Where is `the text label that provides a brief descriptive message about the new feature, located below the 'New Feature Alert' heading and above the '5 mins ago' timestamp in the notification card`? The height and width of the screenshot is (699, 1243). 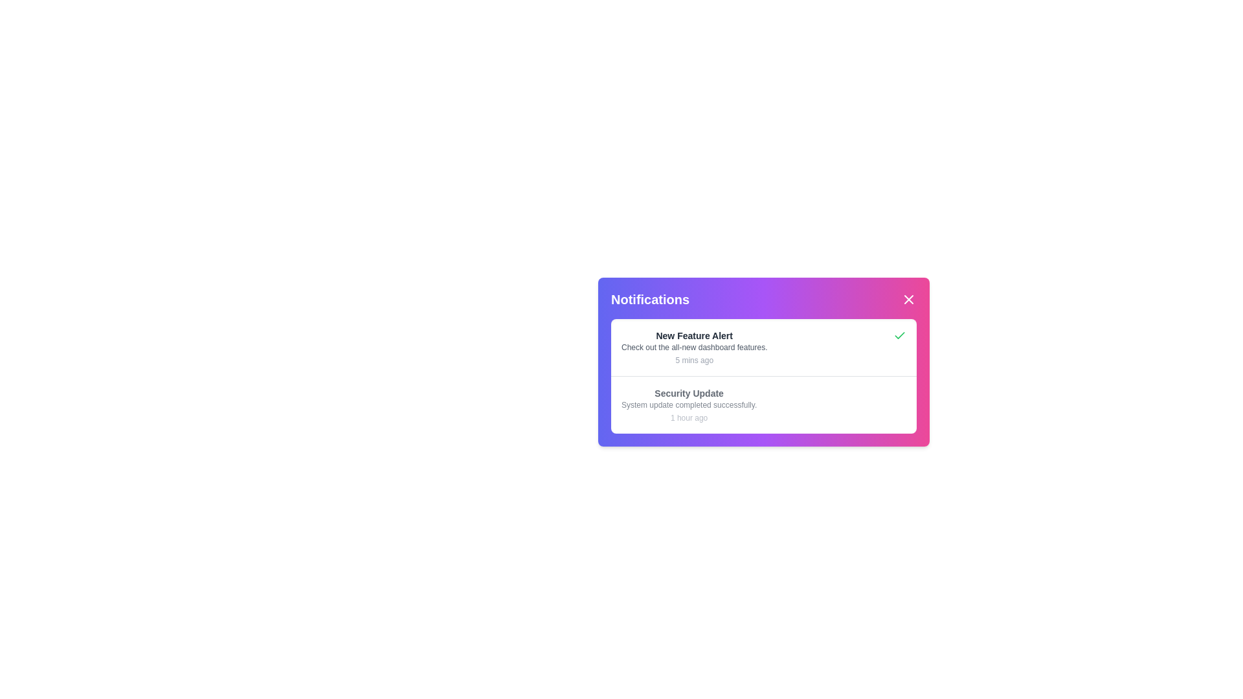
the text label that provides a brief descriptive message about the new feature, located below the 'New Feature Alert' heading and above the '5 mins ago' timestamp in the notification card is located at coordinates (693, 346).